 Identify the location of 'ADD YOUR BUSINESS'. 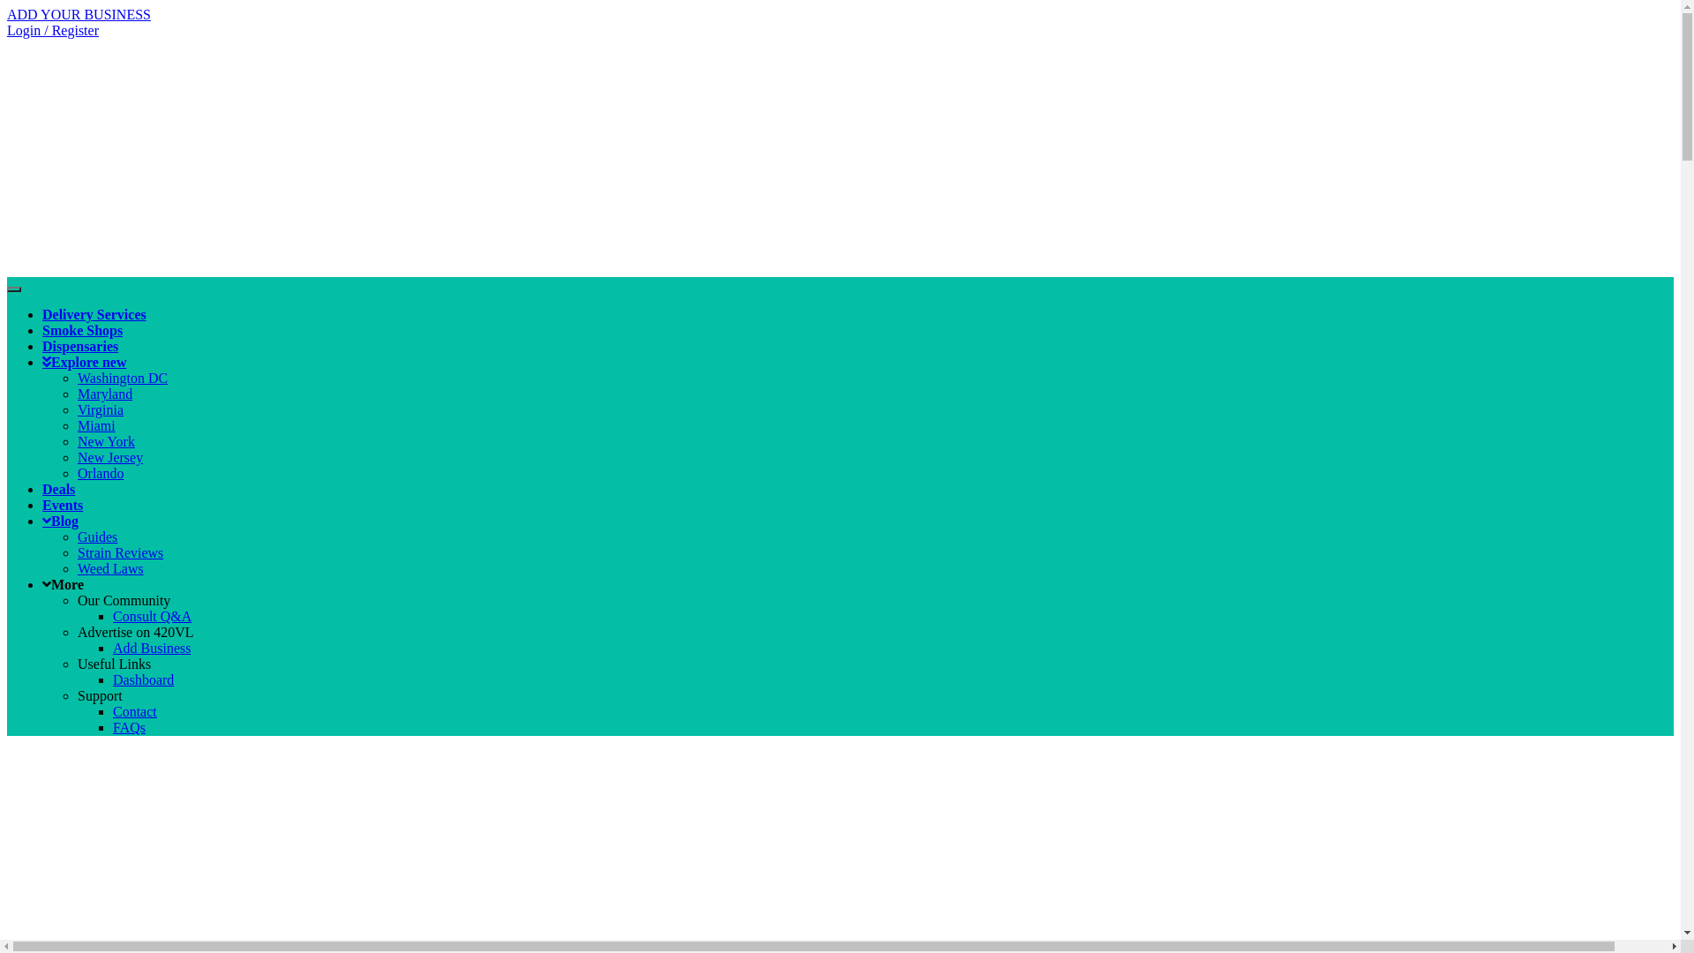
(78, 14).